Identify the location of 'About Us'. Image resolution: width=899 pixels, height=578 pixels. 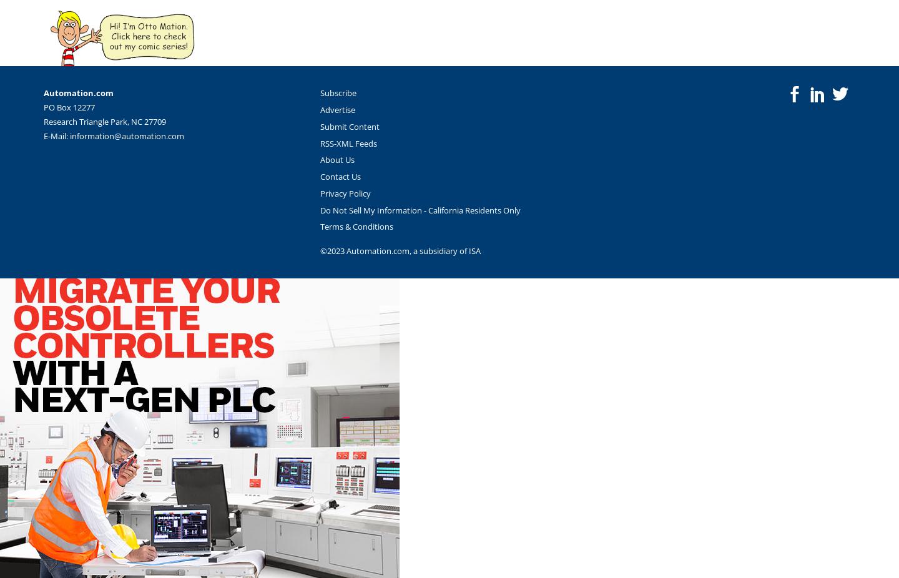
(337, 160).